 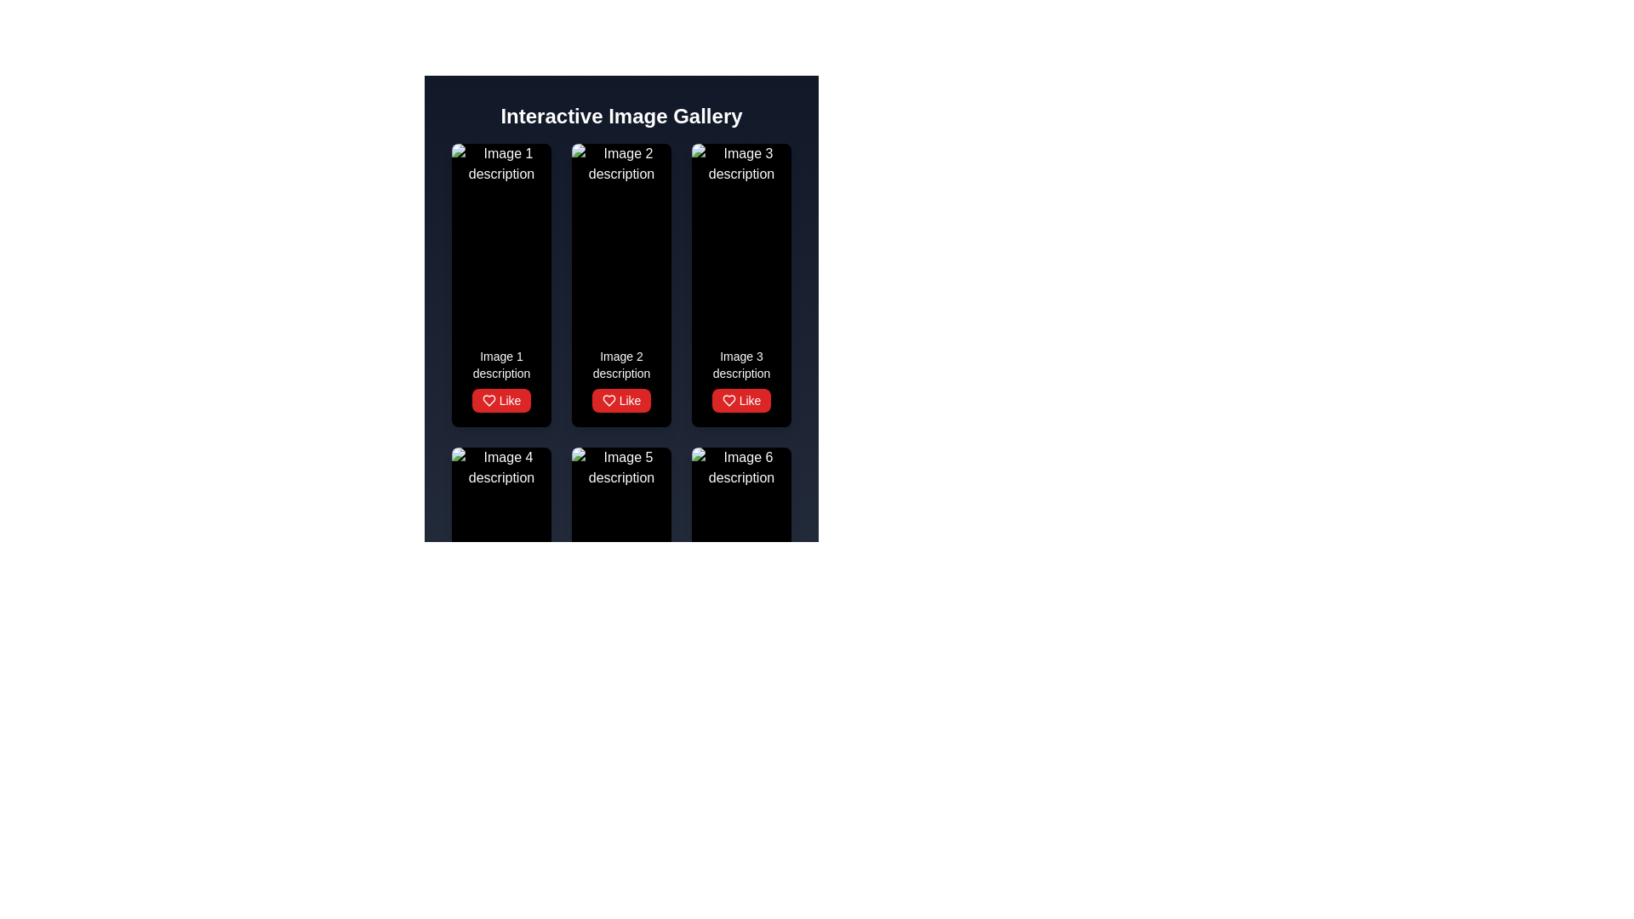 What do you see at coordinates (608, 705) in the screenshot?
I see `the heart icon outlined in the button labeled 'Like', which is located in the second column of buttons with a red background` at bounding box center [608, 705].